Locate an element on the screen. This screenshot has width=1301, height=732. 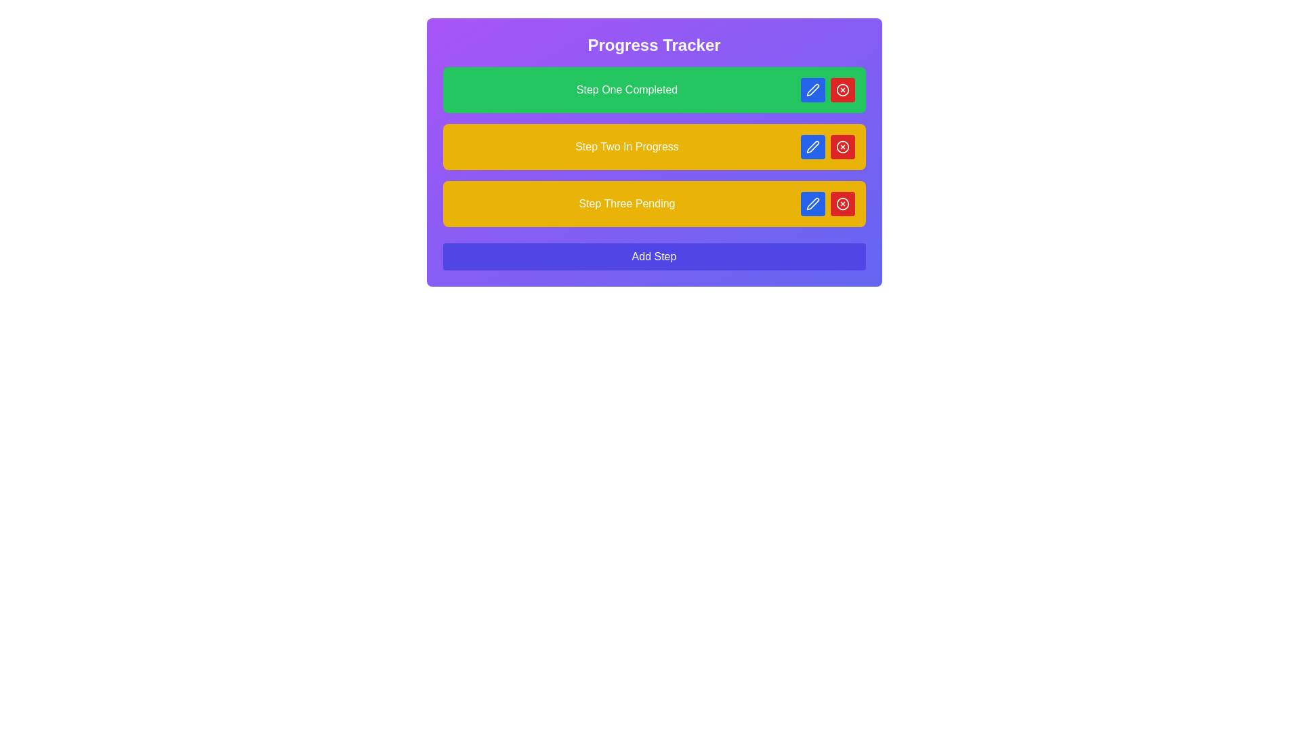
the delete/remove icon located at the far right of the 'Step Two In Progress' row is located at coordinates (842, 146).